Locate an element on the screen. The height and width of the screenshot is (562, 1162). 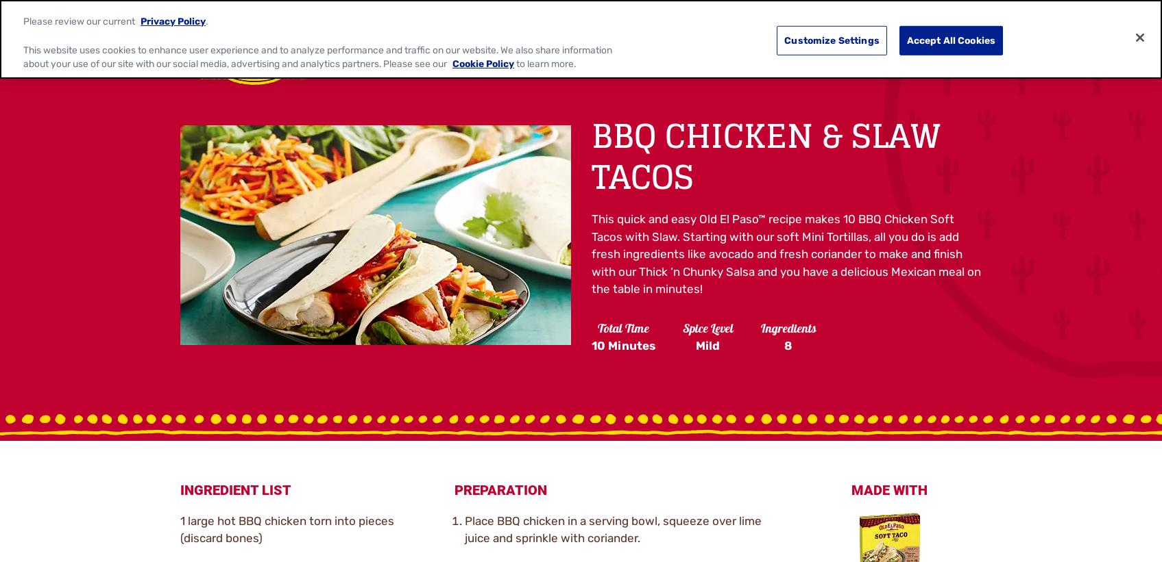
'BBQ Chicken & Slaw Tacos' is located at coordinates (764, 155).